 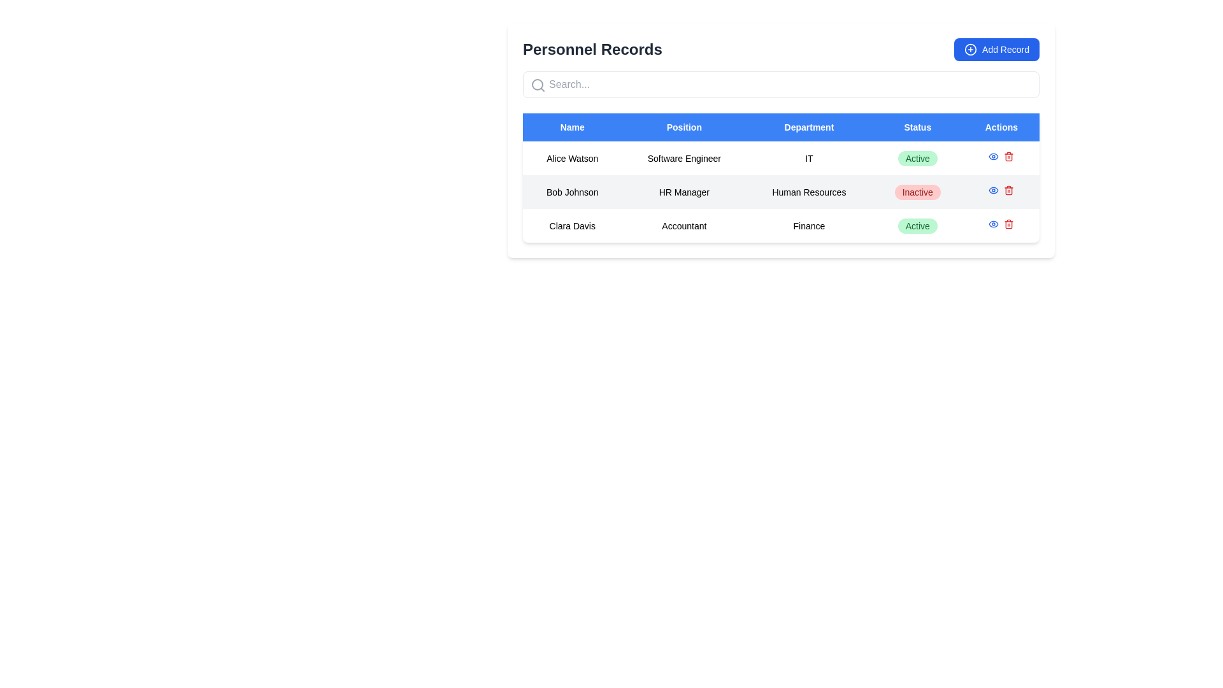 I want to click on the Text element (Heading) that serves as a title for the personnel records section, so click(x=592, y=48).